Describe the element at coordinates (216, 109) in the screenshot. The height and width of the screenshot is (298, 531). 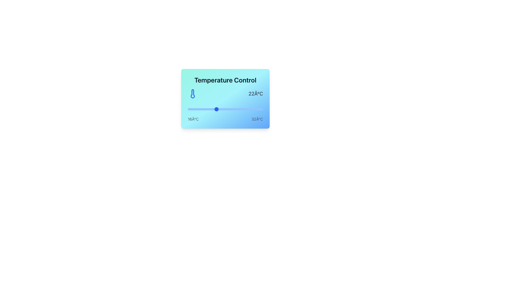
I see `the temperature` at that location.